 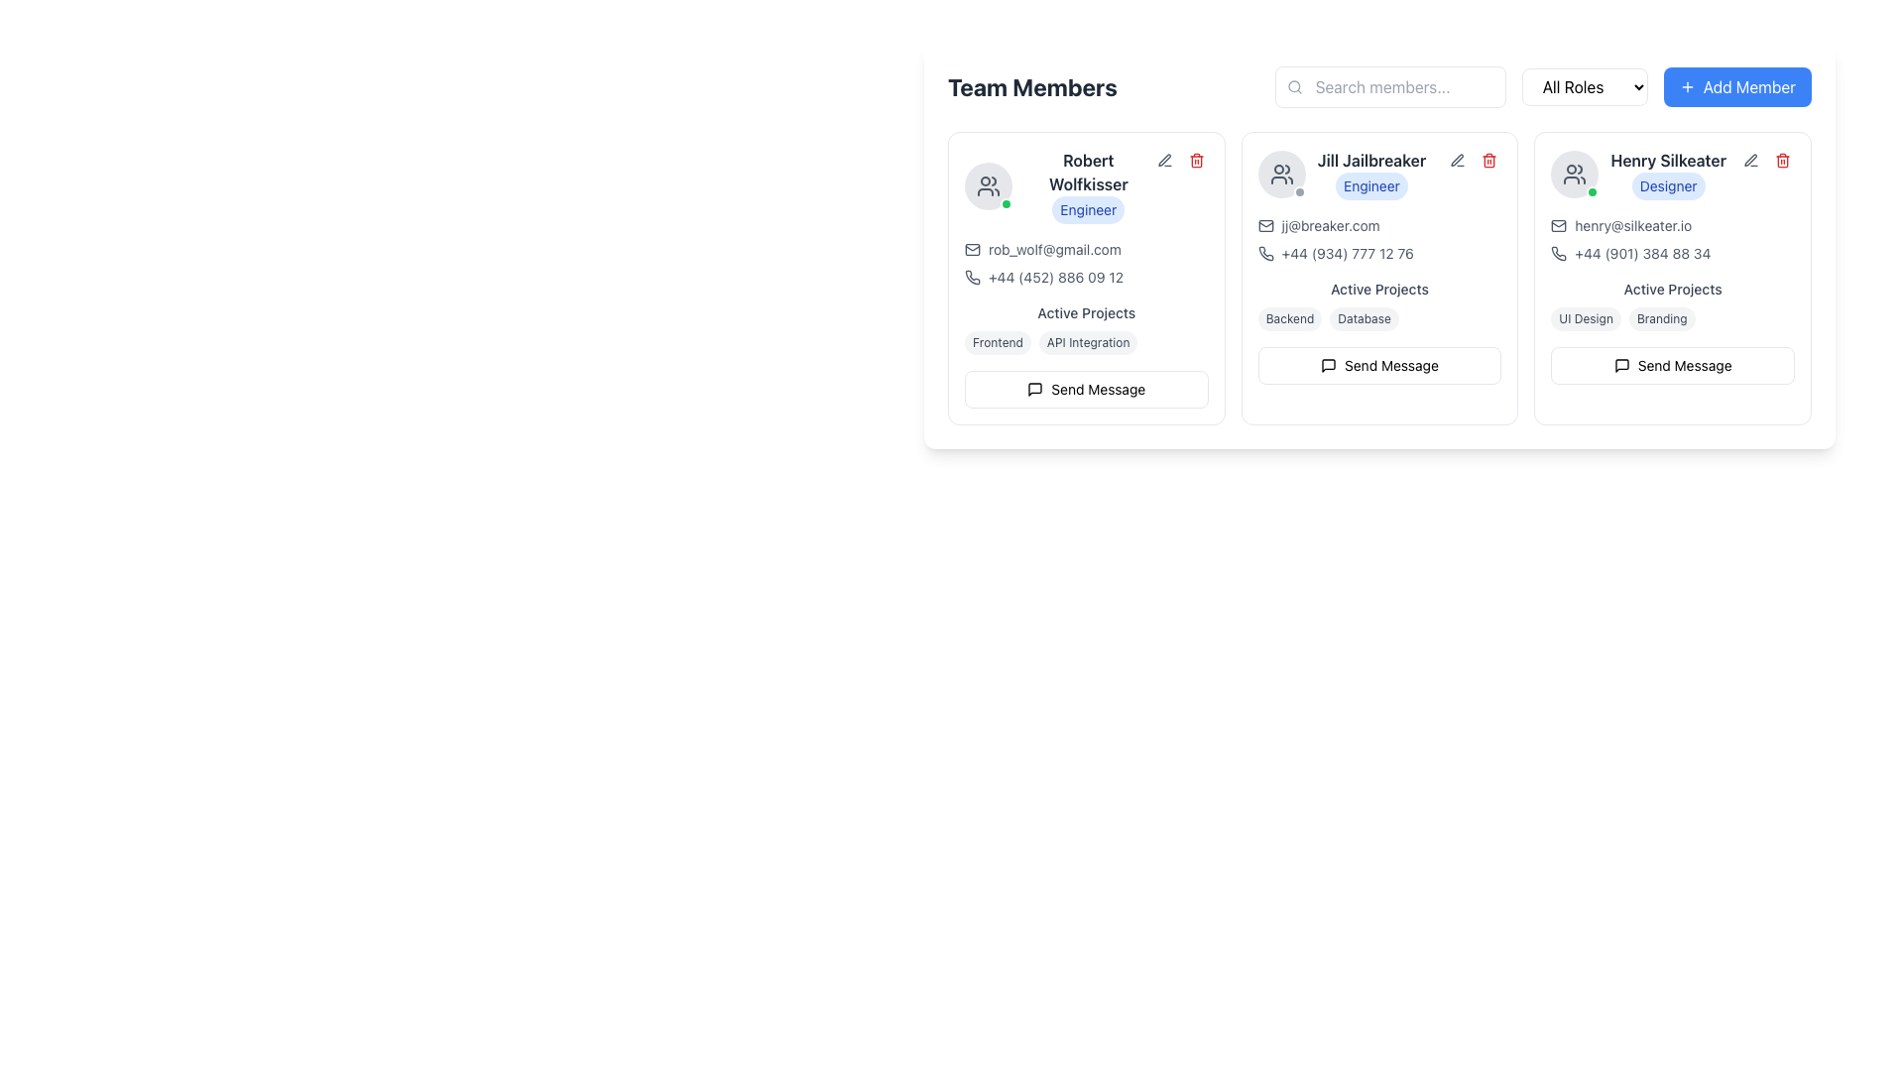 I want to click on the pill-shaped label with the text 'Frontend' located in the 'Active Projects' section of Robert Wolfkisser's card, so click(x=998, y=342).